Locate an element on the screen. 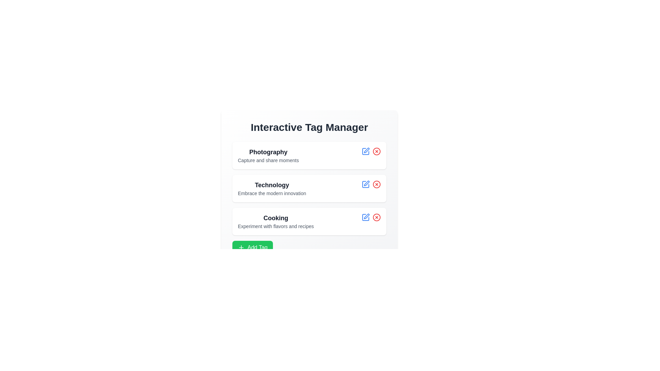 The width and height of the screenshot is (660, 371). the Text label titled 'Photography', which provides a description 'Capture and share moments' in the first section of the vertical list under 'Interactive Tag Manager' is located at coordinates (268, 155).